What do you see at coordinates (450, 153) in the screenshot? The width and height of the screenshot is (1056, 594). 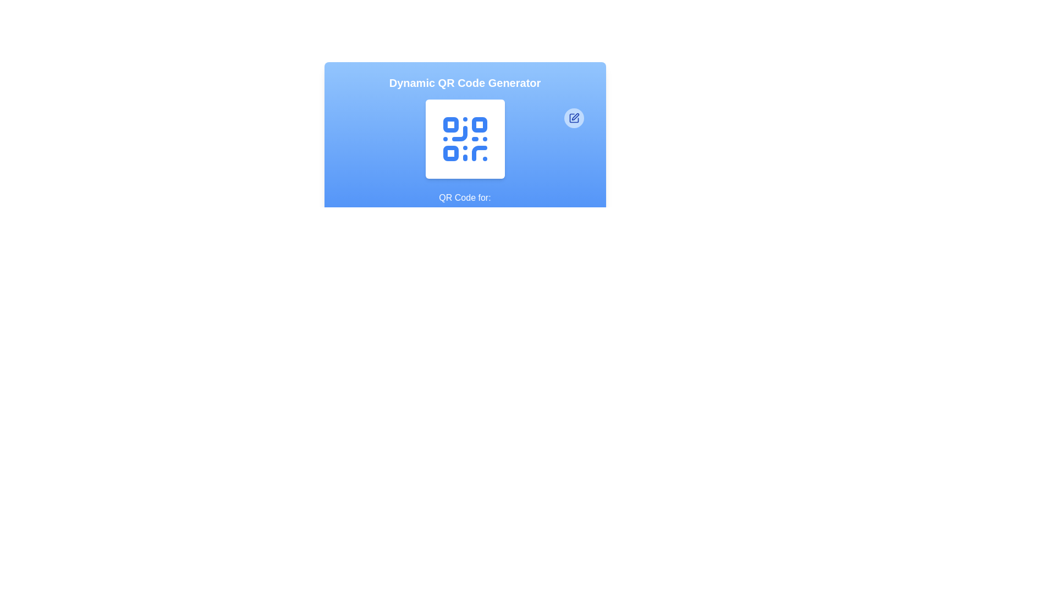 I see `the small blue square with rounded corners located in the bottom-left section of the QR code graphic within the blue panel labeled 'Dynamic QR Code Generator'` at bounding box center [450, 153].